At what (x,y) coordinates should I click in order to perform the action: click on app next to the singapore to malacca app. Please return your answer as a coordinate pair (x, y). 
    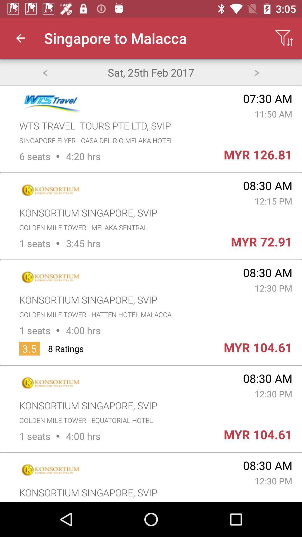
    Looking at the image, I should click on (20, 38).